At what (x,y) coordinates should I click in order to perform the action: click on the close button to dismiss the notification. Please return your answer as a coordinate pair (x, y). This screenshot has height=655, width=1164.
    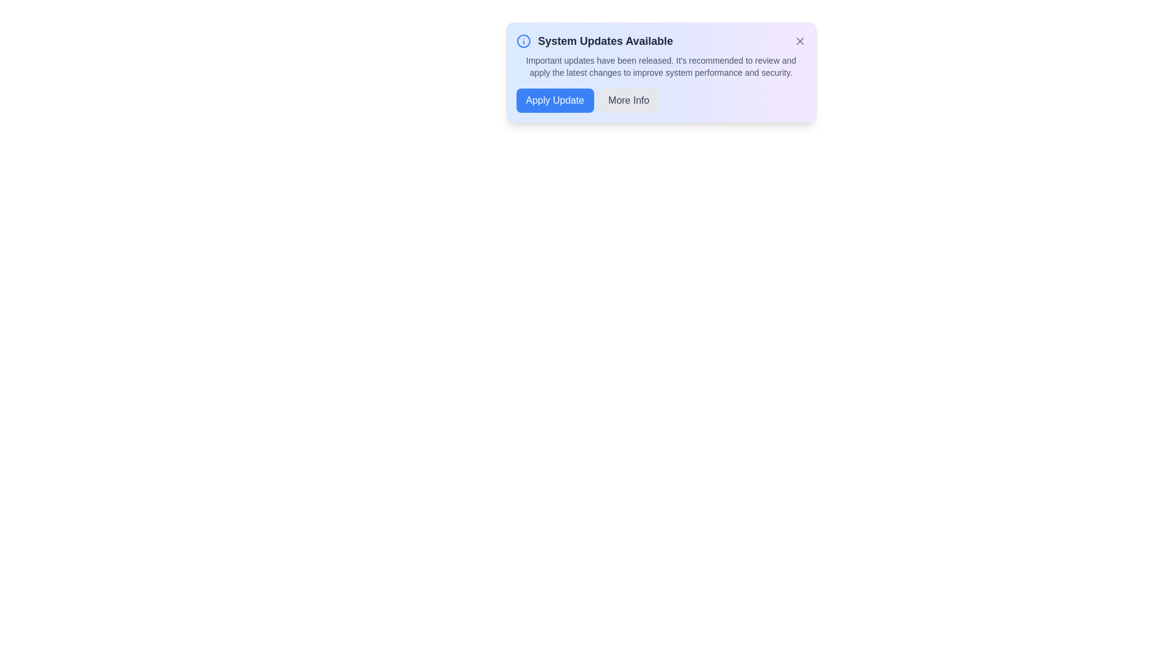
    Looking at the image, I should click on (800, 41).